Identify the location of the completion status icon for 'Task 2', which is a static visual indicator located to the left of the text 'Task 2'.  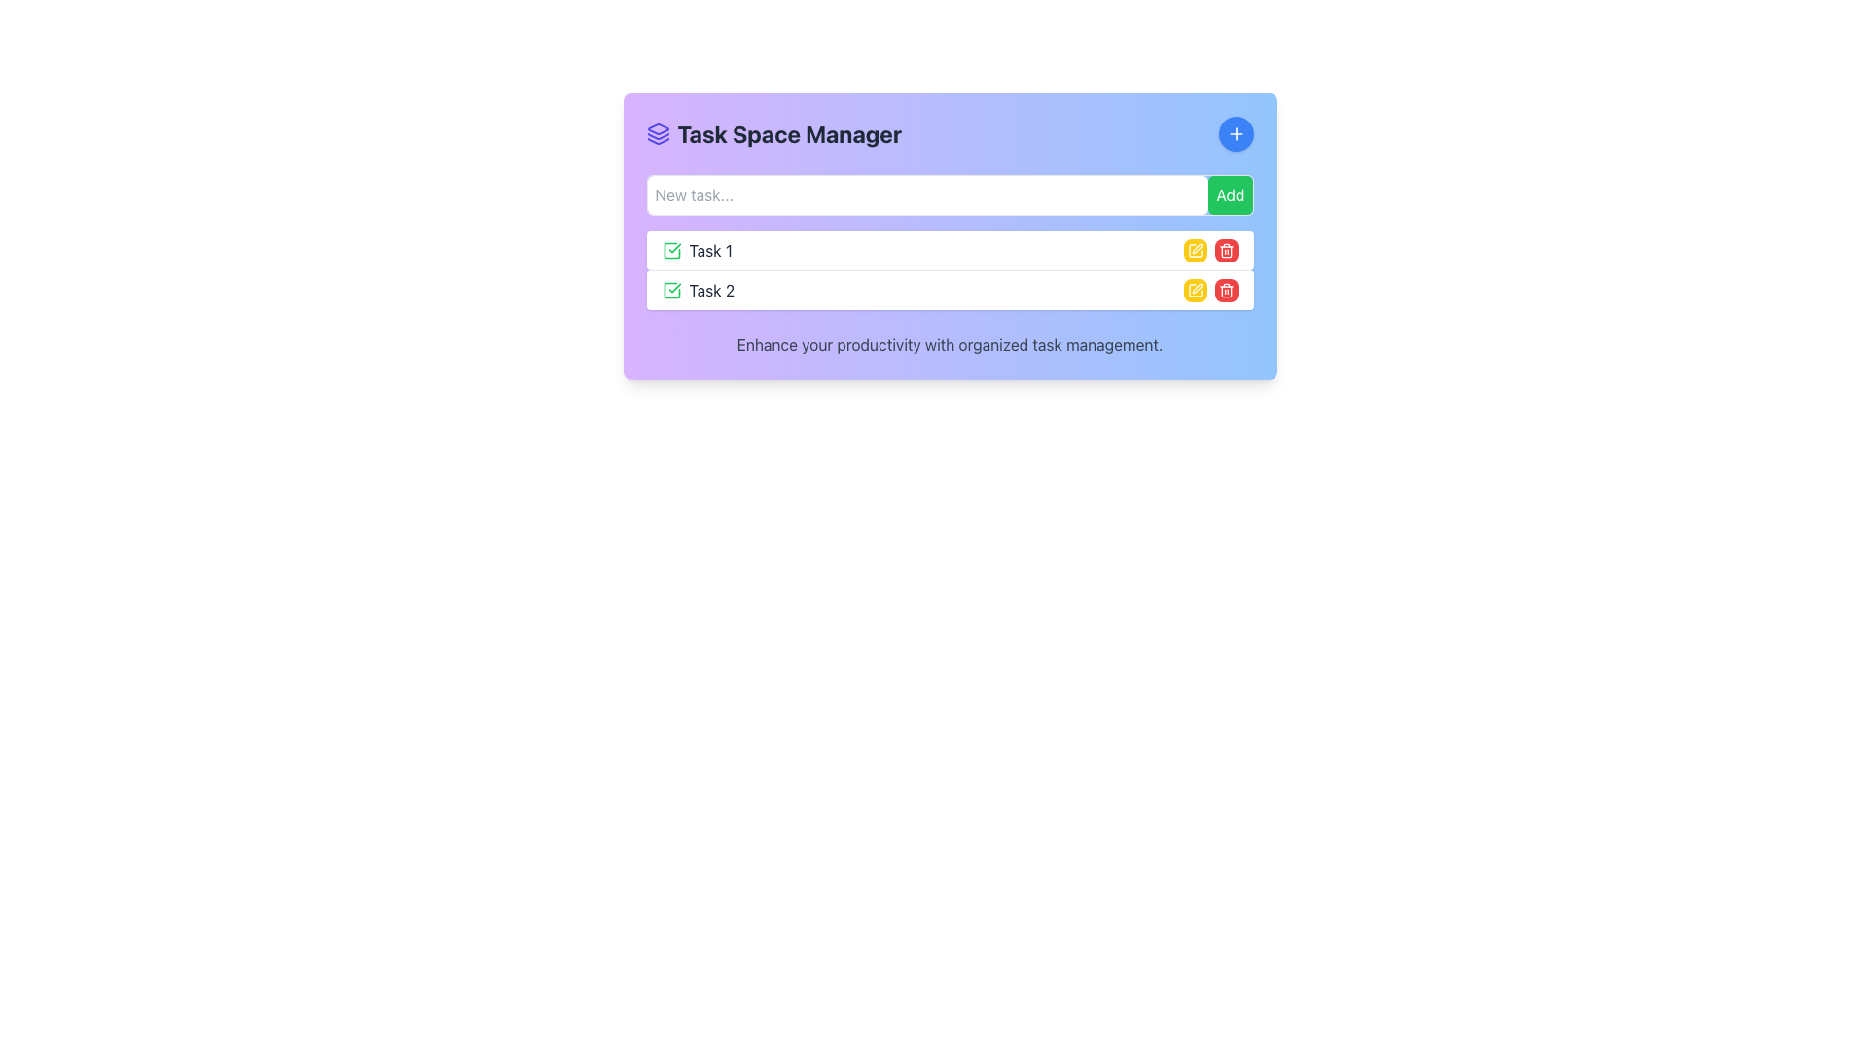
(671, 291).